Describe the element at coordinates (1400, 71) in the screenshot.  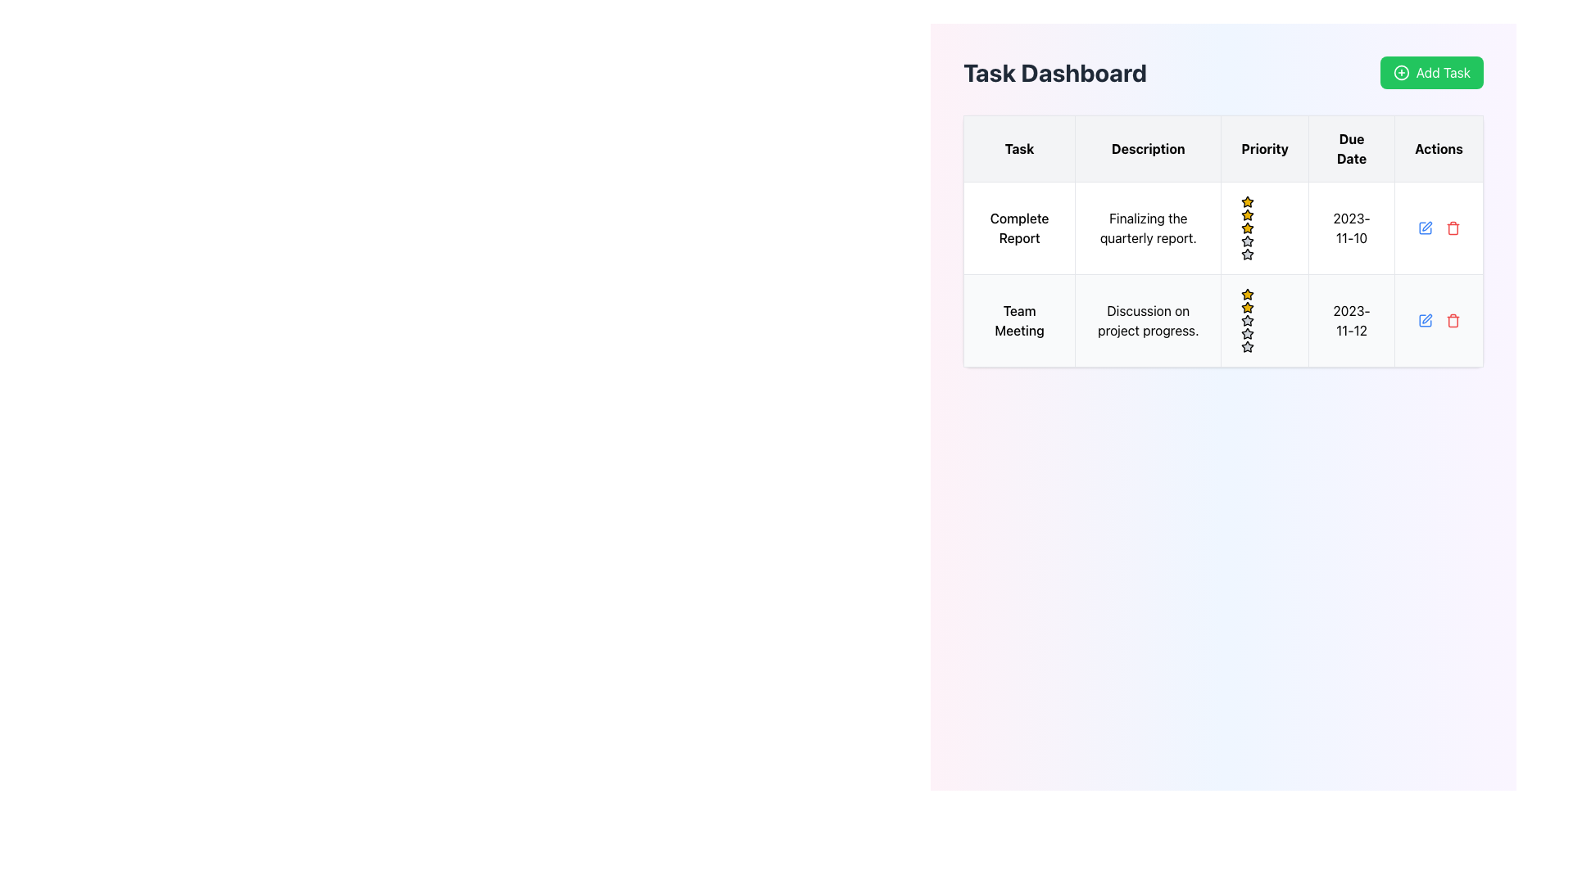
I see `the SVG Circle that forms part of the plus sign icon within the green 'Add Task' button located at the top-right corner of the interface` at that location.